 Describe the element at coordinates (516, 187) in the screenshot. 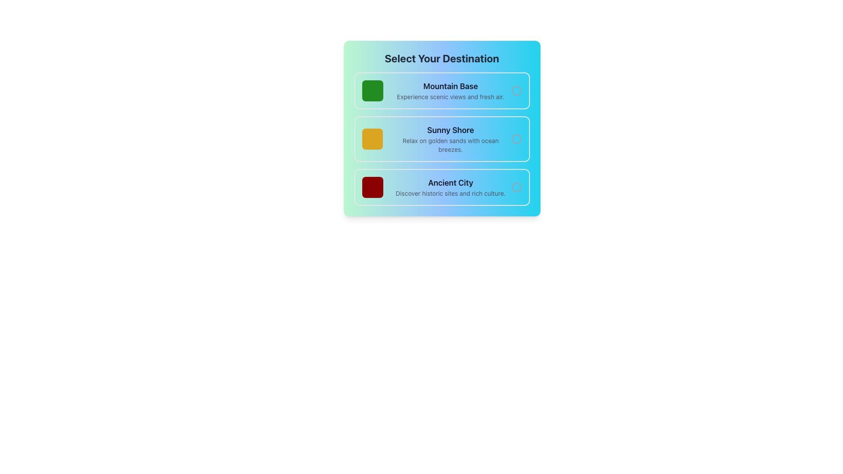

I see `the smaller inner SVG Circle positioned centrally within the larger icon to the right of the 'Ancient City' option` at that location.